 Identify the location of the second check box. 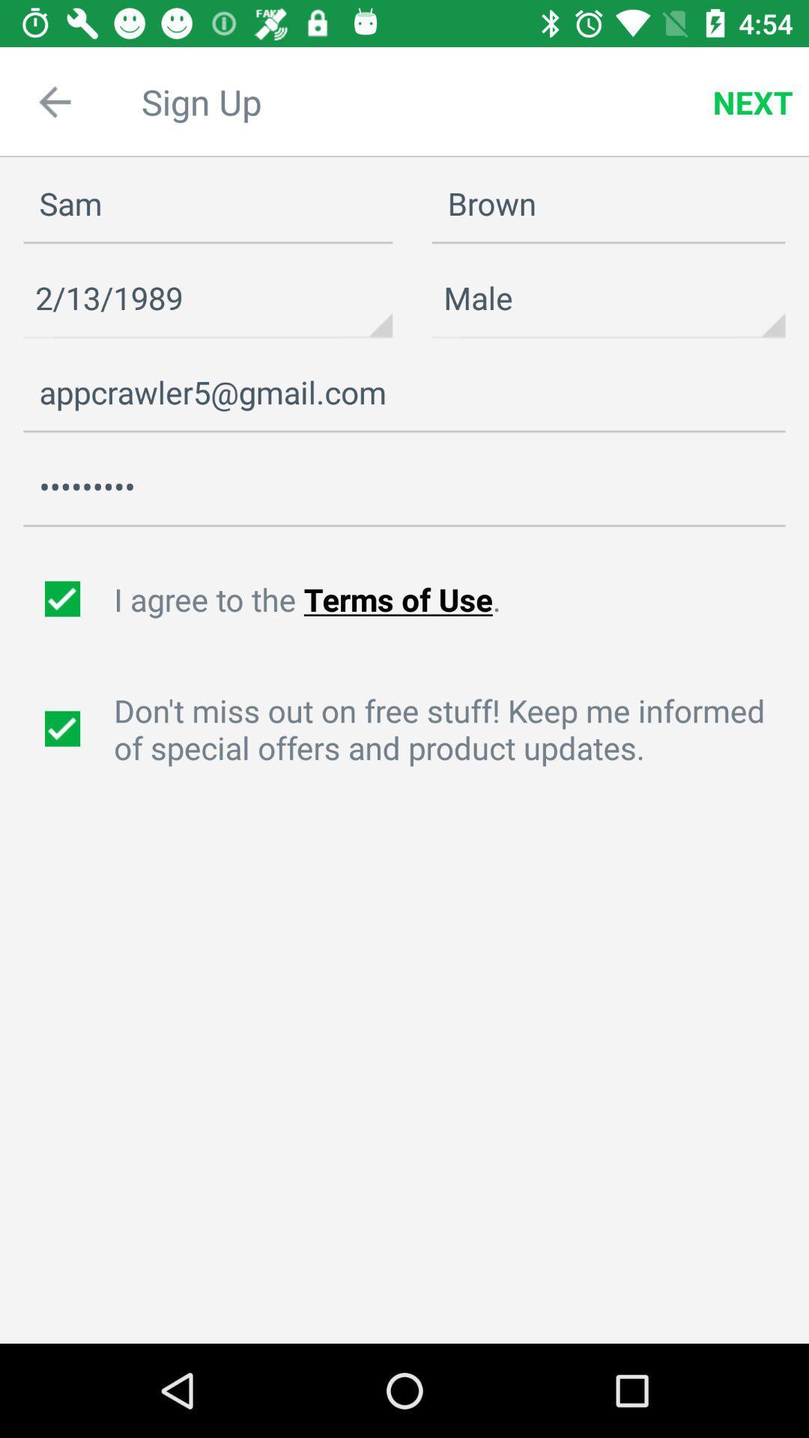
(64, 729).